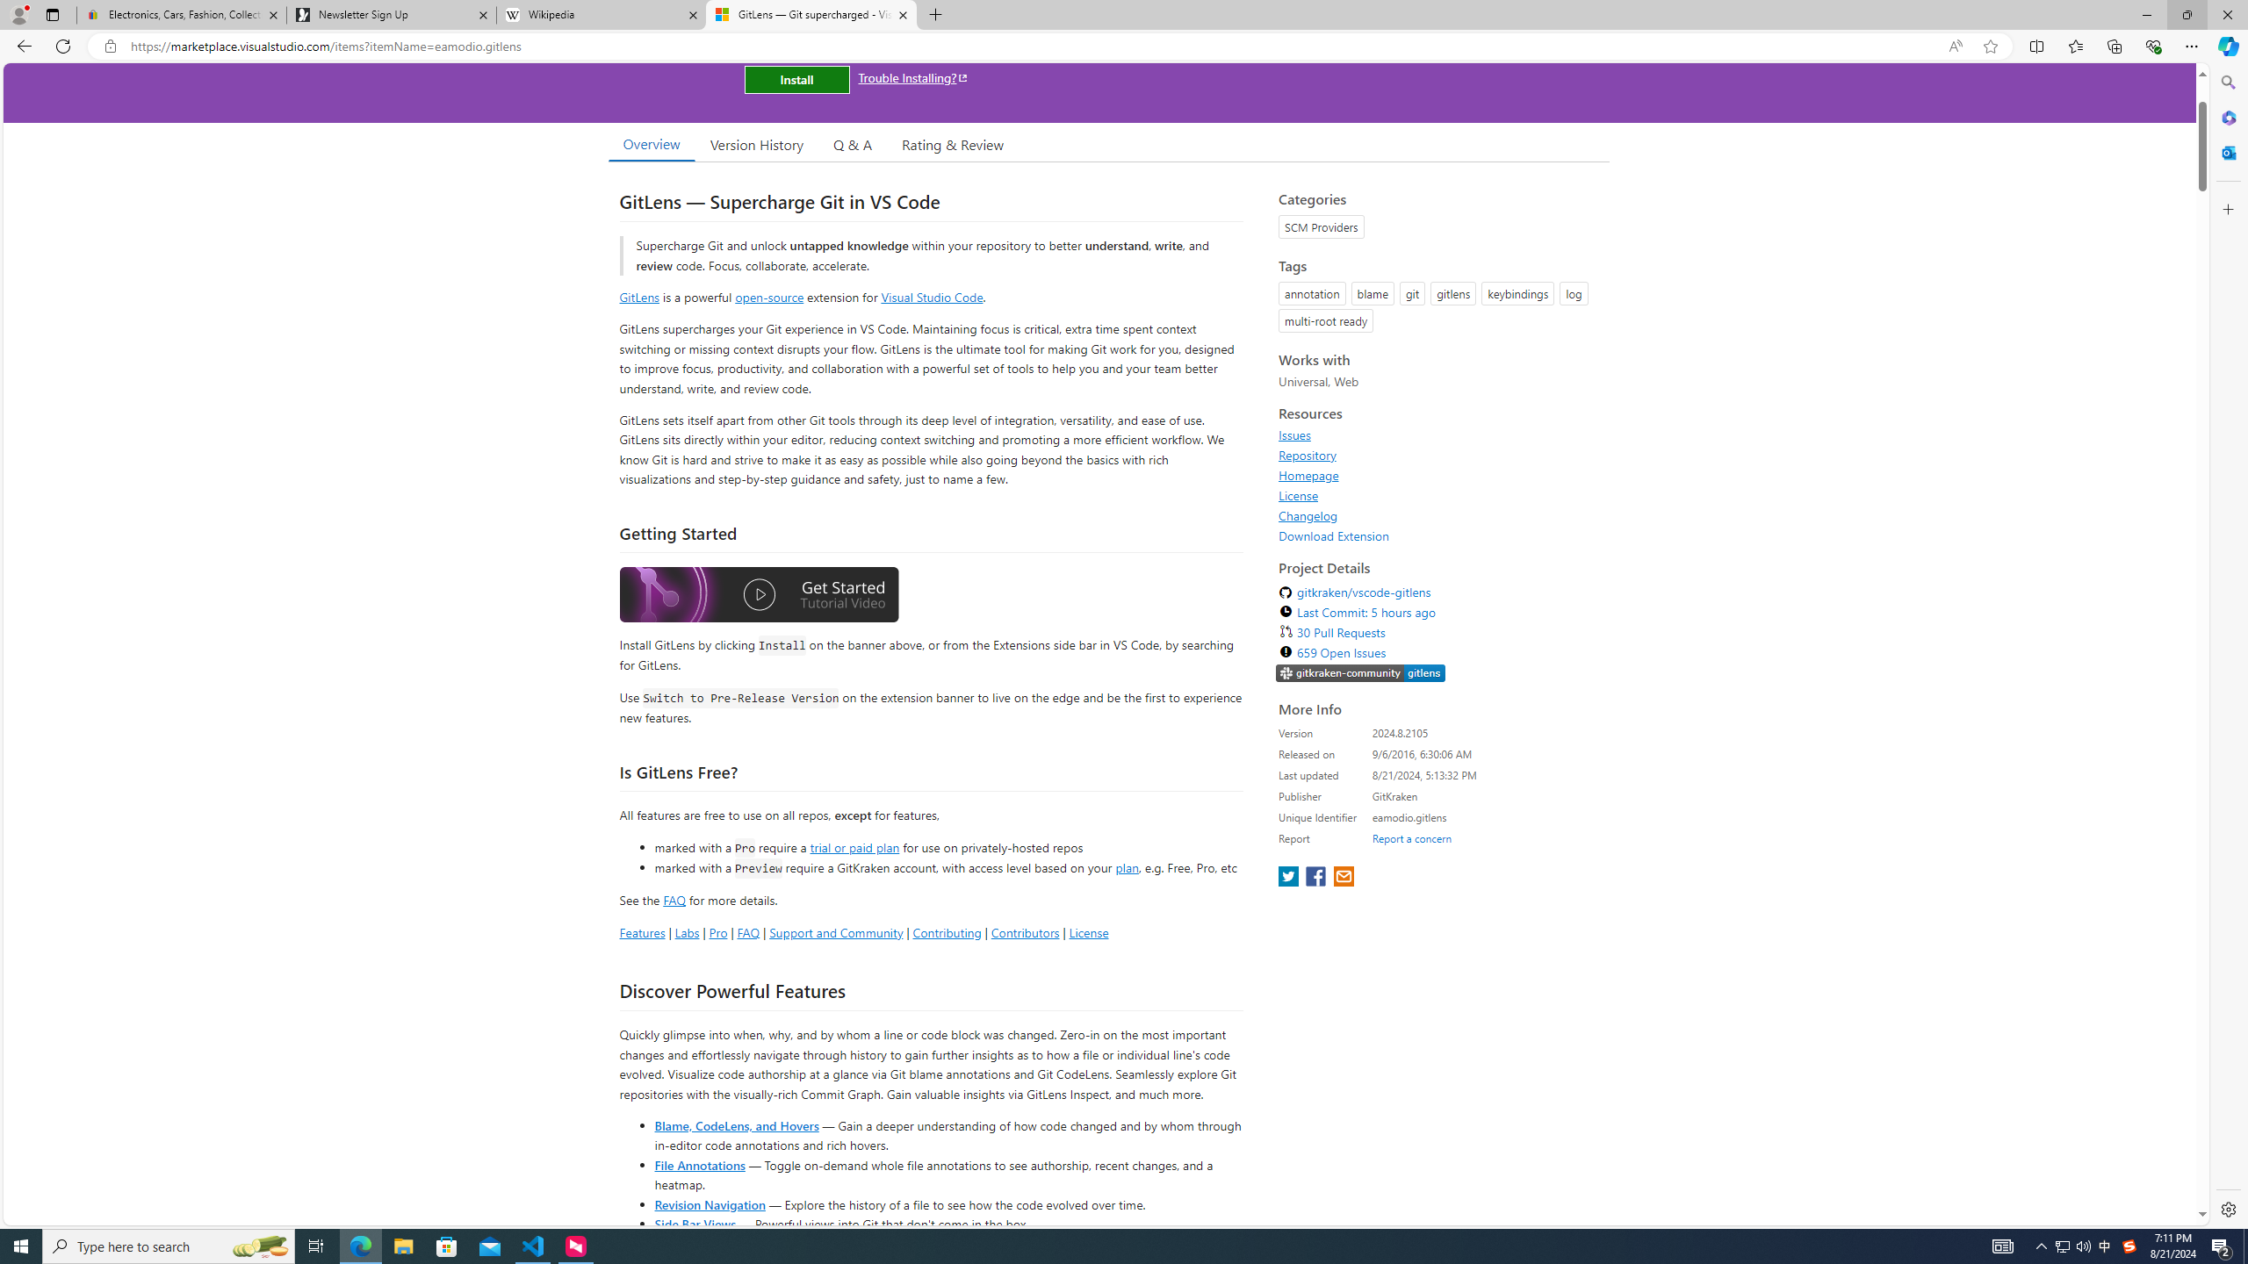 Image resolution: width=2248 pixels, height=1264 pixels. I want to click on 'Support and Community', so click(835, 931).